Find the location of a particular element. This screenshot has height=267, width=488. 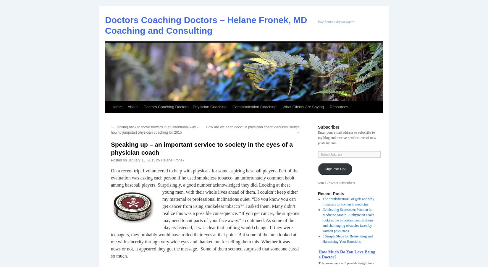

'The “pinkification” of girls and why it matters to women in medicine' is located at coordinates (348, 201).